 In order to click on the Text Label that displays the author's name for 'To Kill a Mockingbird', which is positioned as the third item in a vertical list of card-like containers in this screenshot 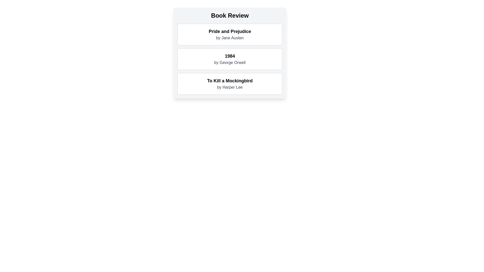, I will do `click(230, 87)`.